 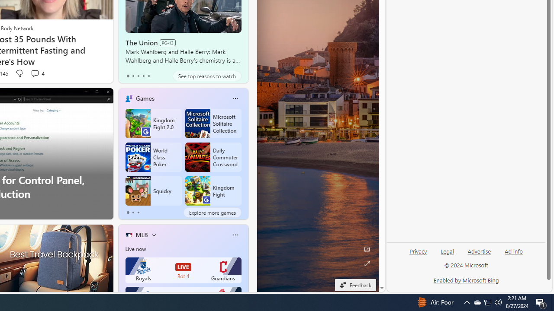 What do you see at coordinates (235, 235) in the screenshot?
I see `'Class: icon-img'` at bounding box center [235, 235].